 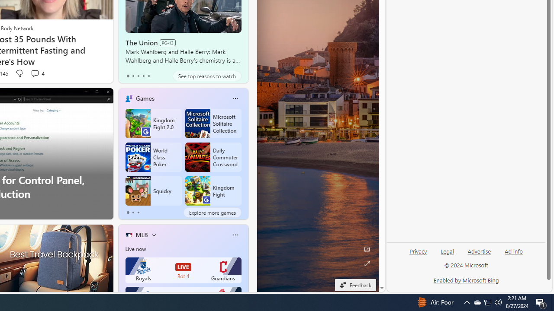 What do you see at coordinates (235, 235) in the screenshot?
I see `'Class: icon-img'` at bounding box center [235, 235].